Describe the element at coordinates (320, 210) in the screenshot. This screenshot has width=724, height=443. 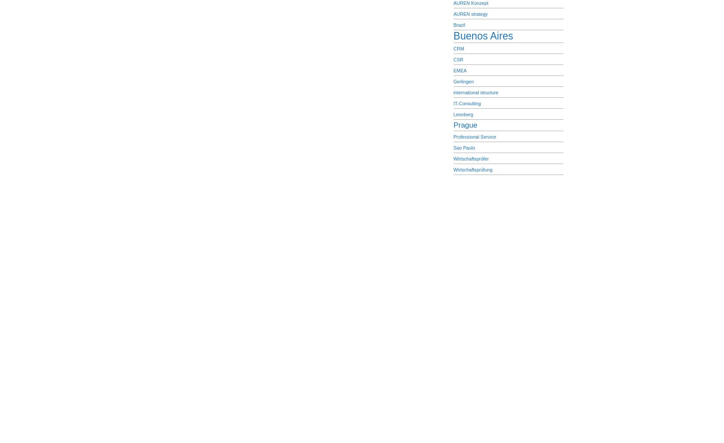
I see `'Anmelden'` at that location.